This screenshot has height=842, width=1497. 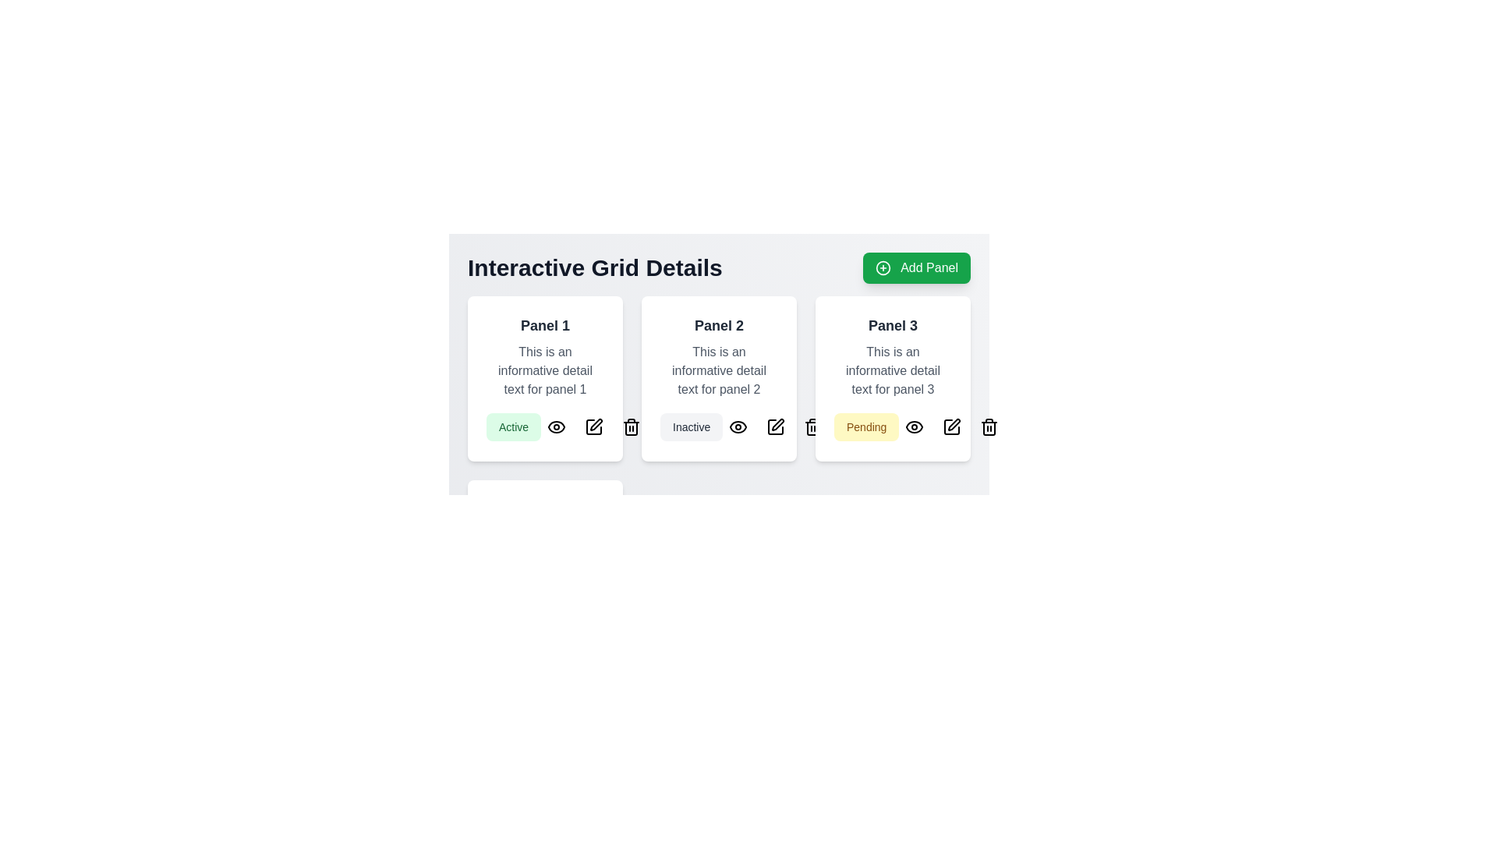 What do you see at coordinates (775, 426) in the screenshot?
I see `the edit button, which is a rectangular icon resembling a pencil, located in the middle of a row of three icons beneath the 'Panel 2' card` at bounding box center [775, 426].